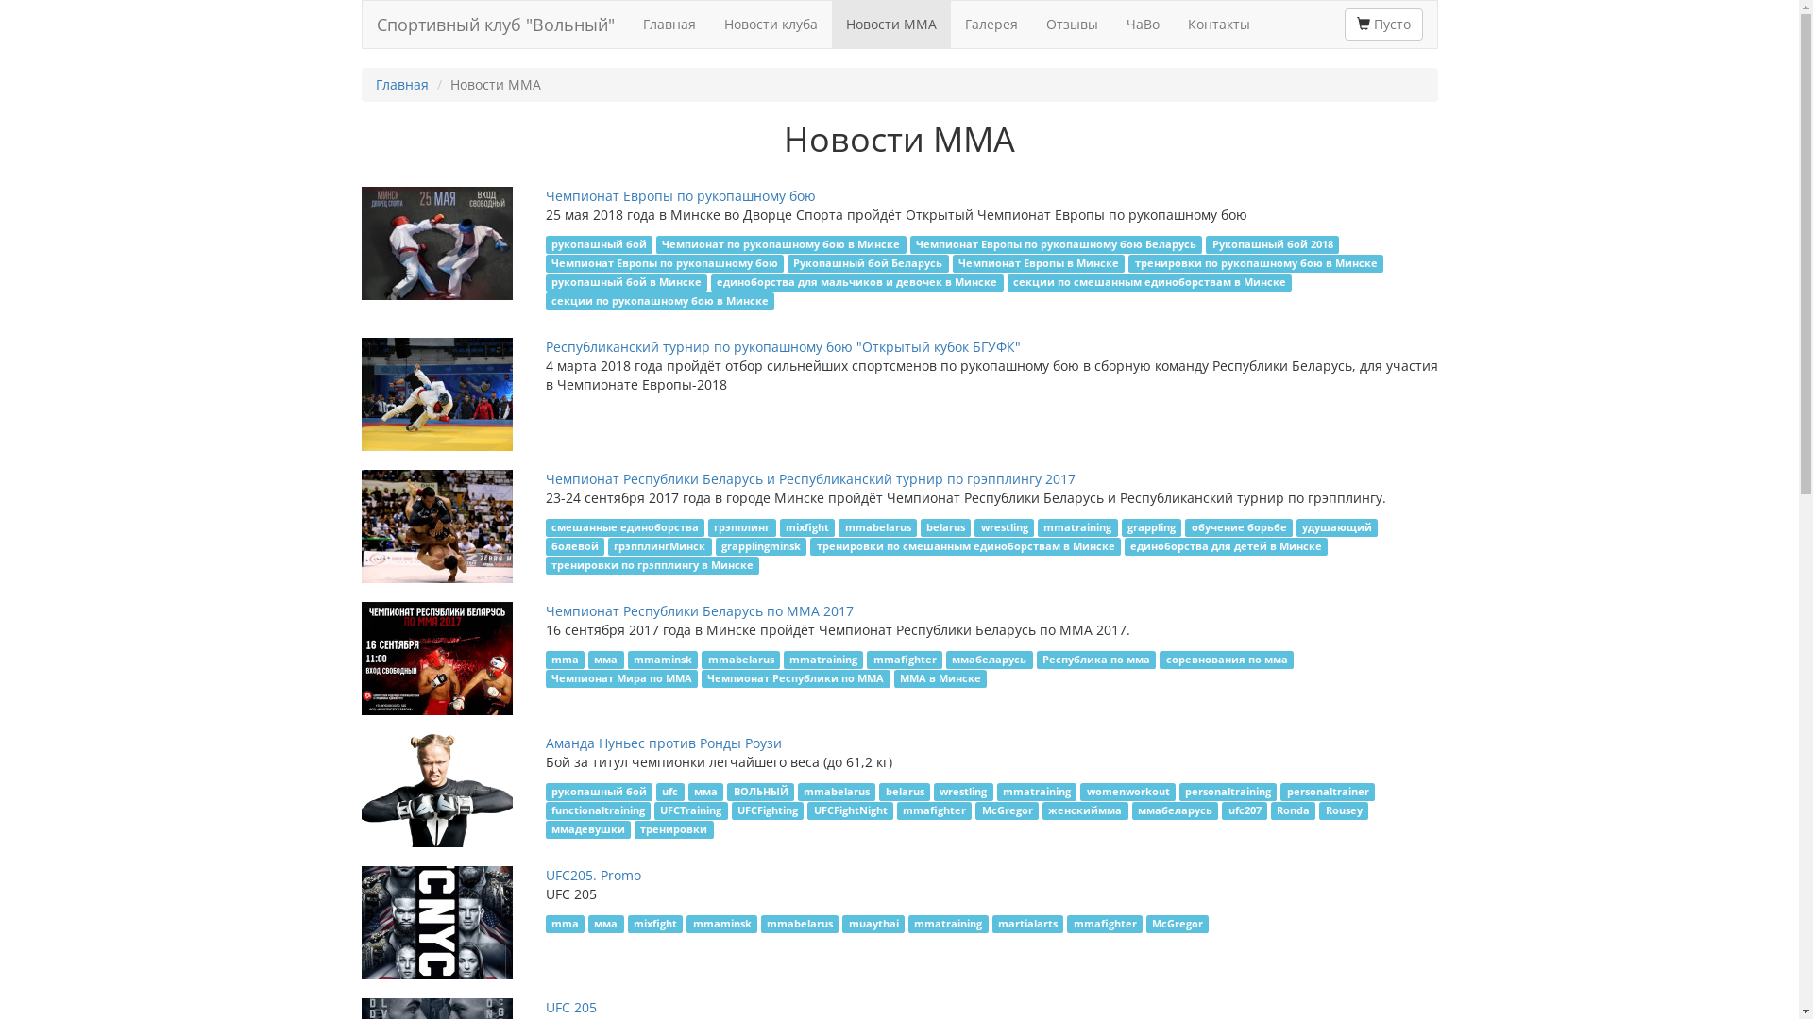  I want to click on 'ufc207', so click(1245, 810).